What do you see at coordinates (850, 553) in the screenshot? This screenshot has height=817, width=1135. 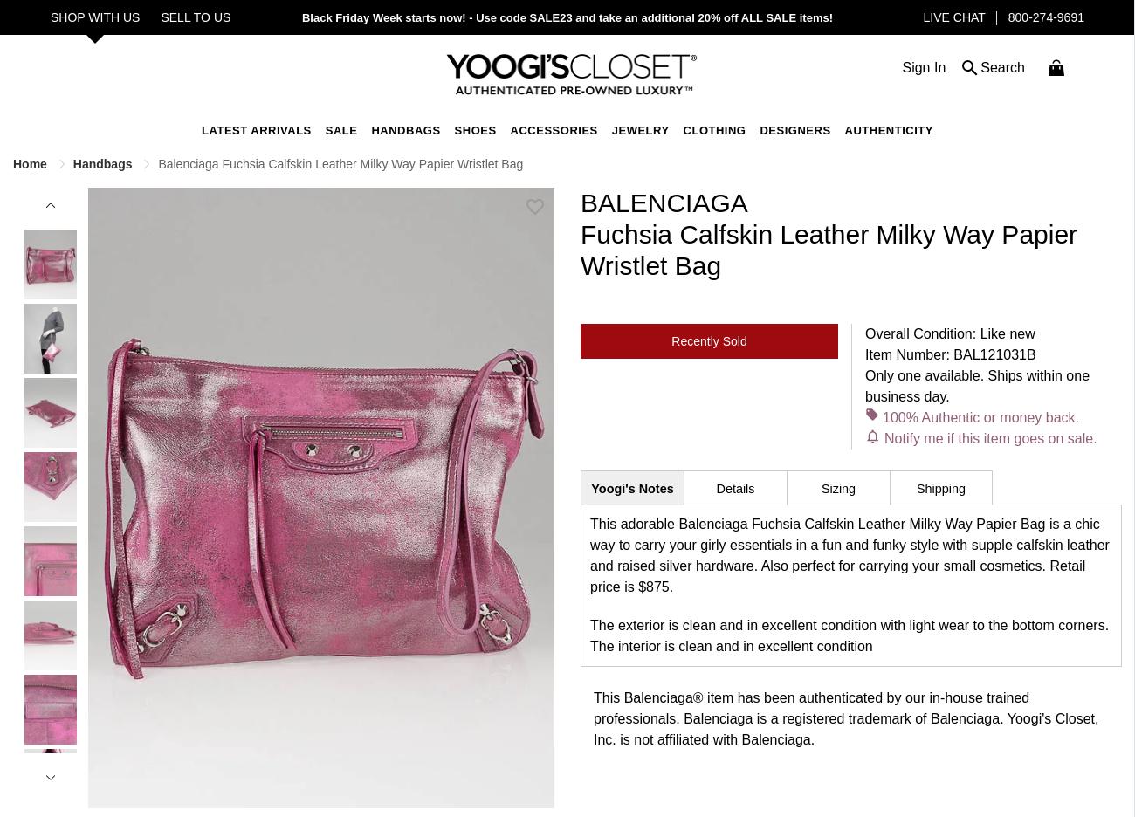 I see `'This adorable Balenciaga Fuchsia Calfskin Leather Milky Way Papier Bag is a chic way to carry your girly essentials in a fun and funky style with supple calfskin leather and raised silver hardware. Also perfect for carrying your small cosmetics. Retail price is $875.'` at bounding box center [850, 553].